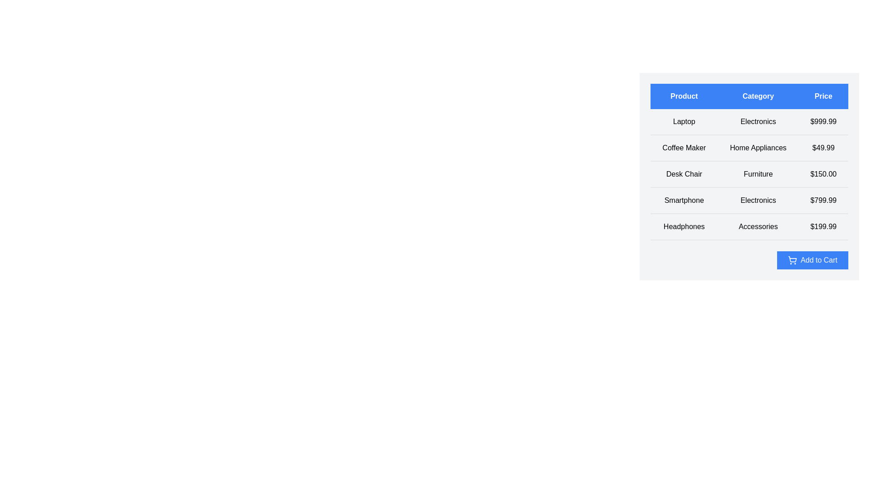 Image resolution: width=871 pixels, height=489 pixels. I want to click on the Text label that describes the category of the associated product 'Smartphone', located in the second column of the fourth row of the table, so click(758, 200).